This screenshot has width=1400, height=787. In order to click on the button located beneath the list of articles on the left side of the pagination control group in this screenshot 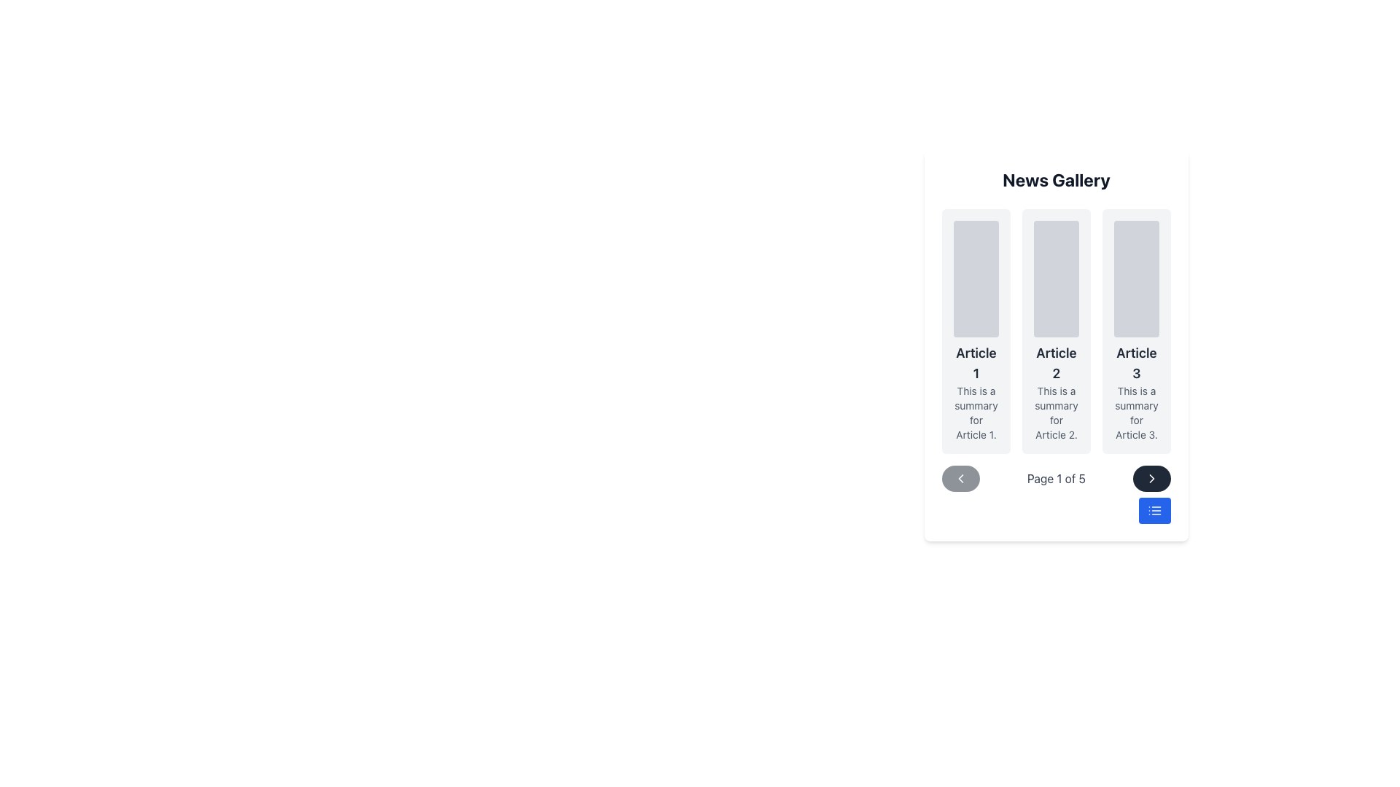, I will do `click(961, 478)`.